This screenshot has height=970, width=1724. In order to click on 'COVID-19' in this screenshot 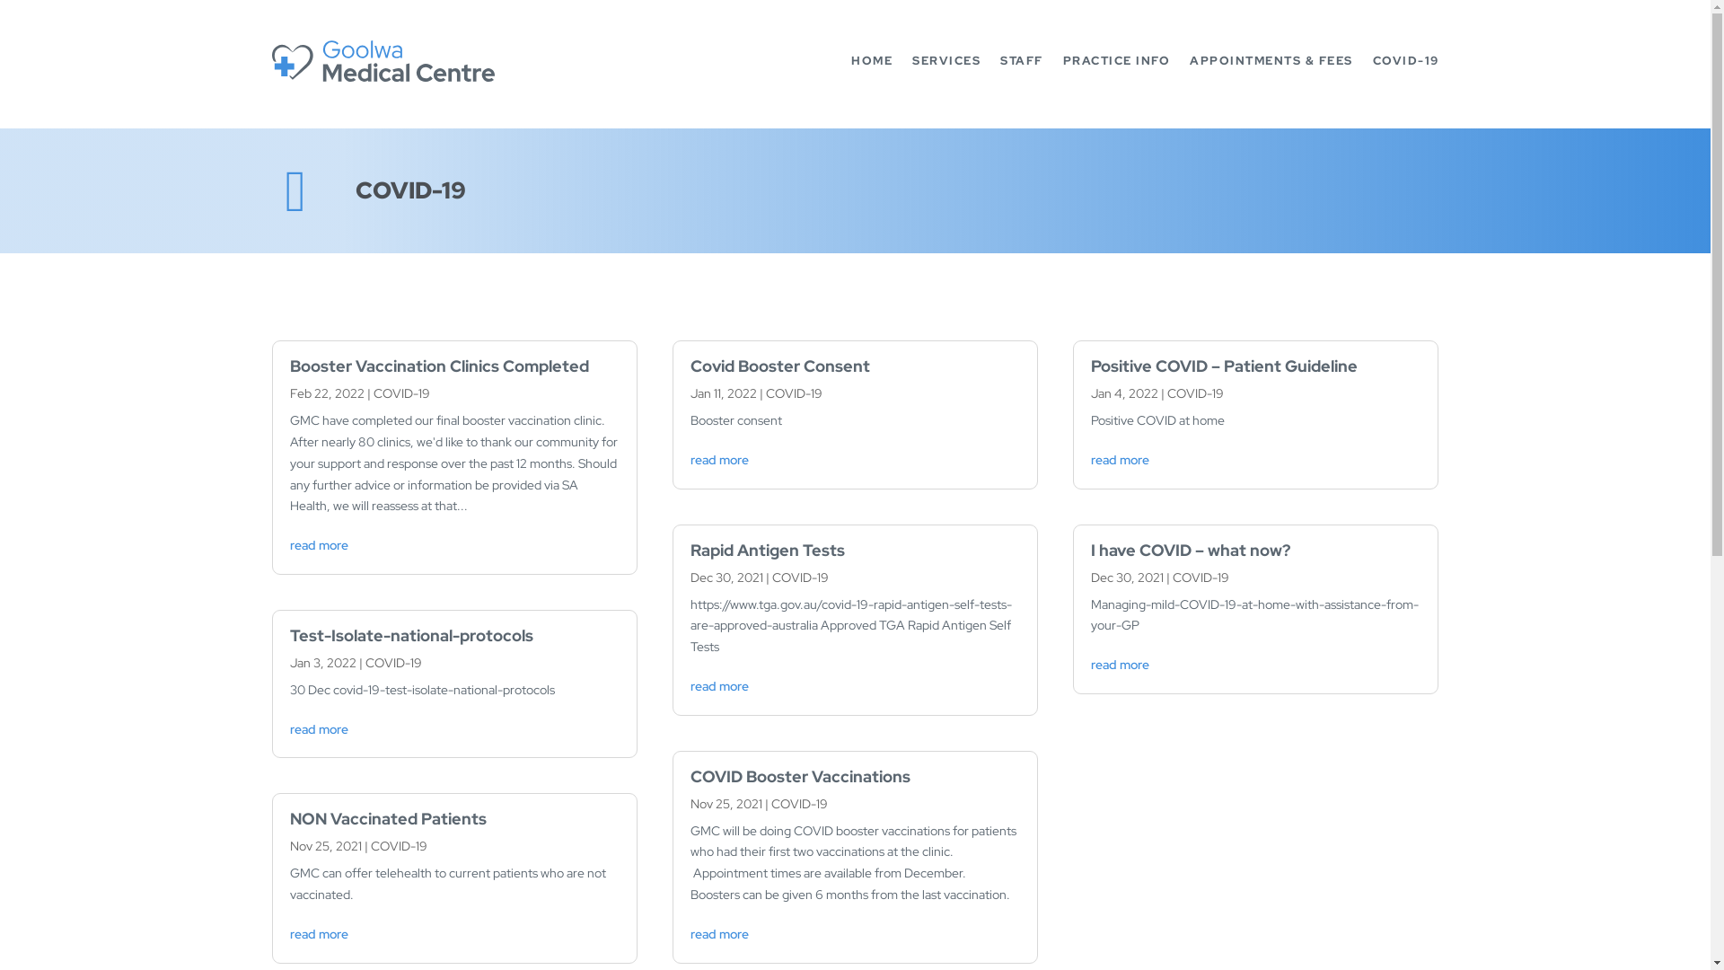, I will do `click(1403, 60)`.